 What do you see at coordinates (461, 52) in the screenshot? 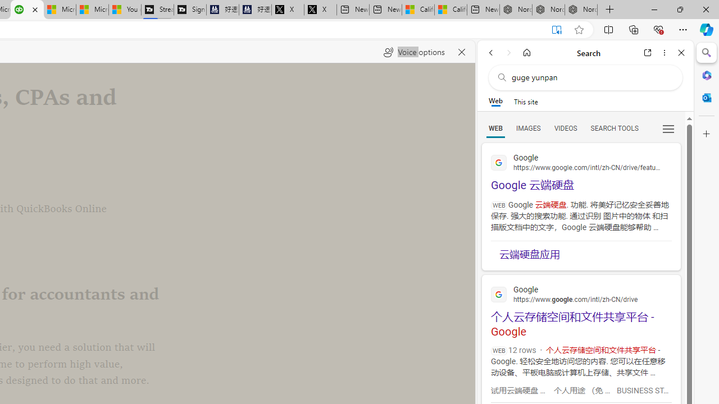
I see `'Close read aloud'` at bounding box center [461, 52].